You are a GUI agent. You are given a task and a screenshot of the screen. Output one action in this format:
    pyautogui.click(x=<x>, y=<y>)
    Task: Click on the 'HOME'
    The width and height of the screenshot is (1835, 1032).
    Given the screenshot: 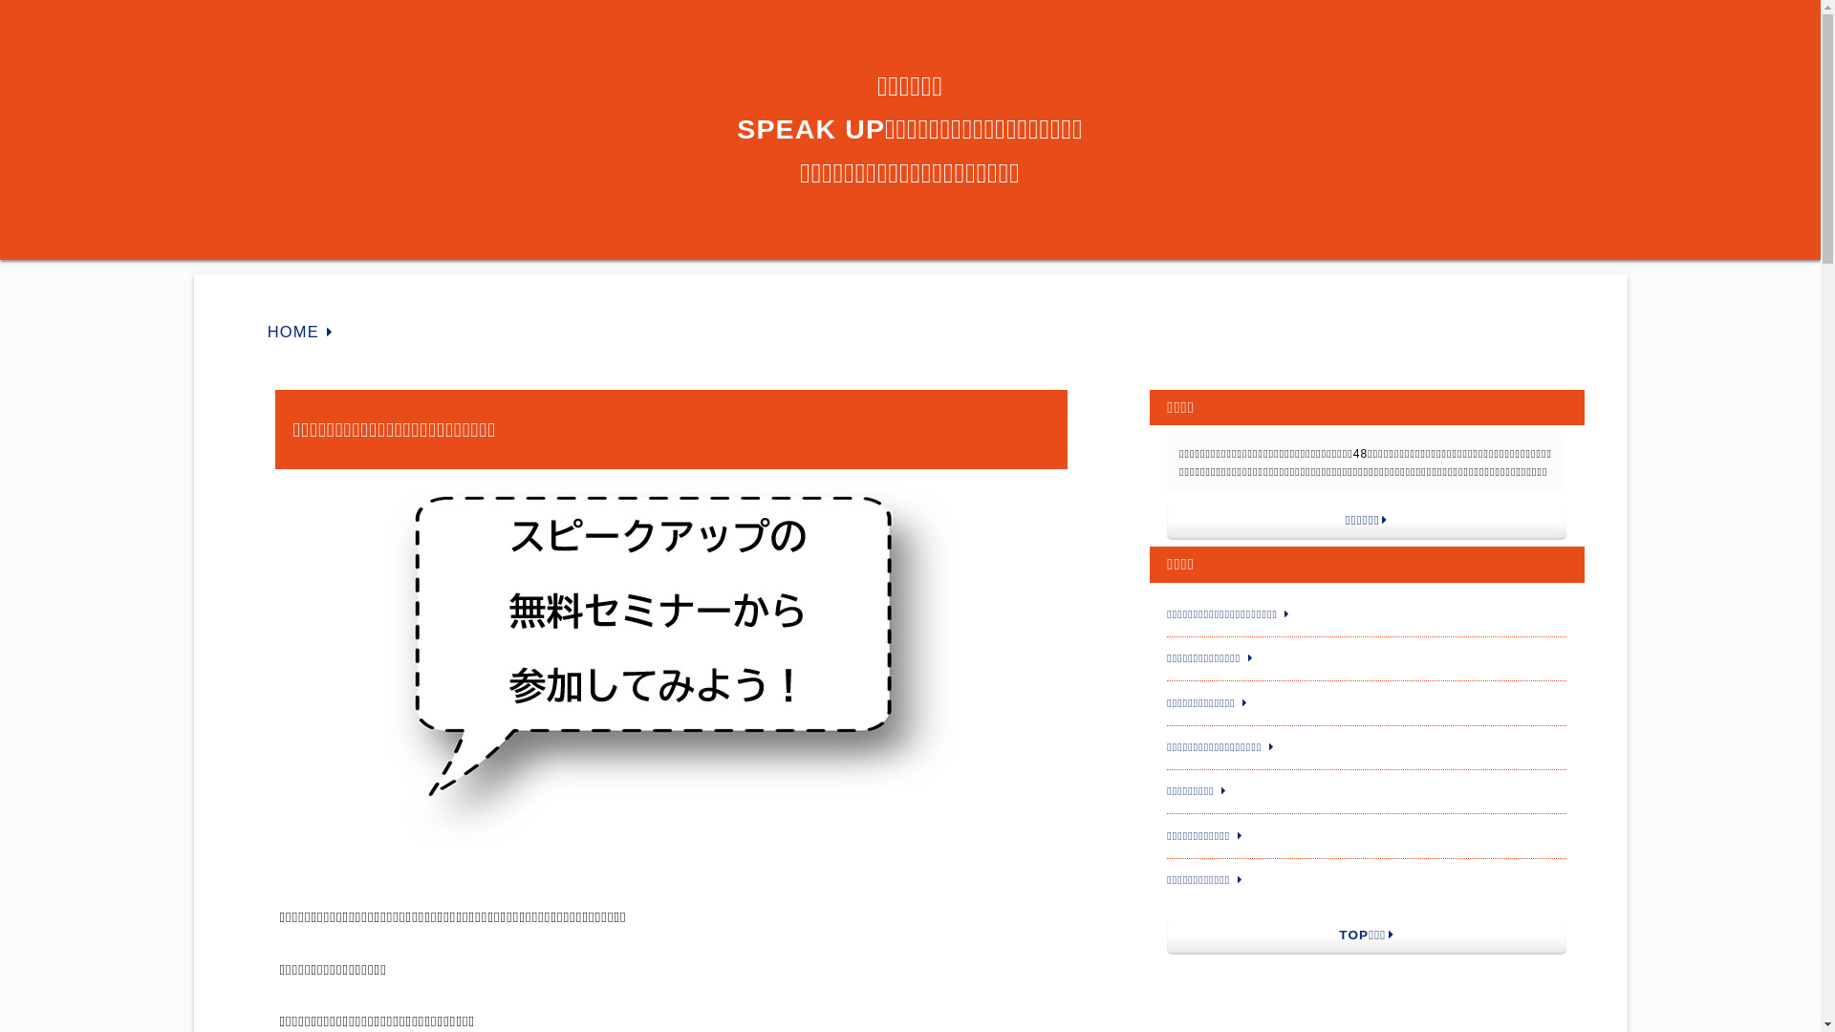 What is the action you would take?
    pyautogui.click(x=266, y=331)
    